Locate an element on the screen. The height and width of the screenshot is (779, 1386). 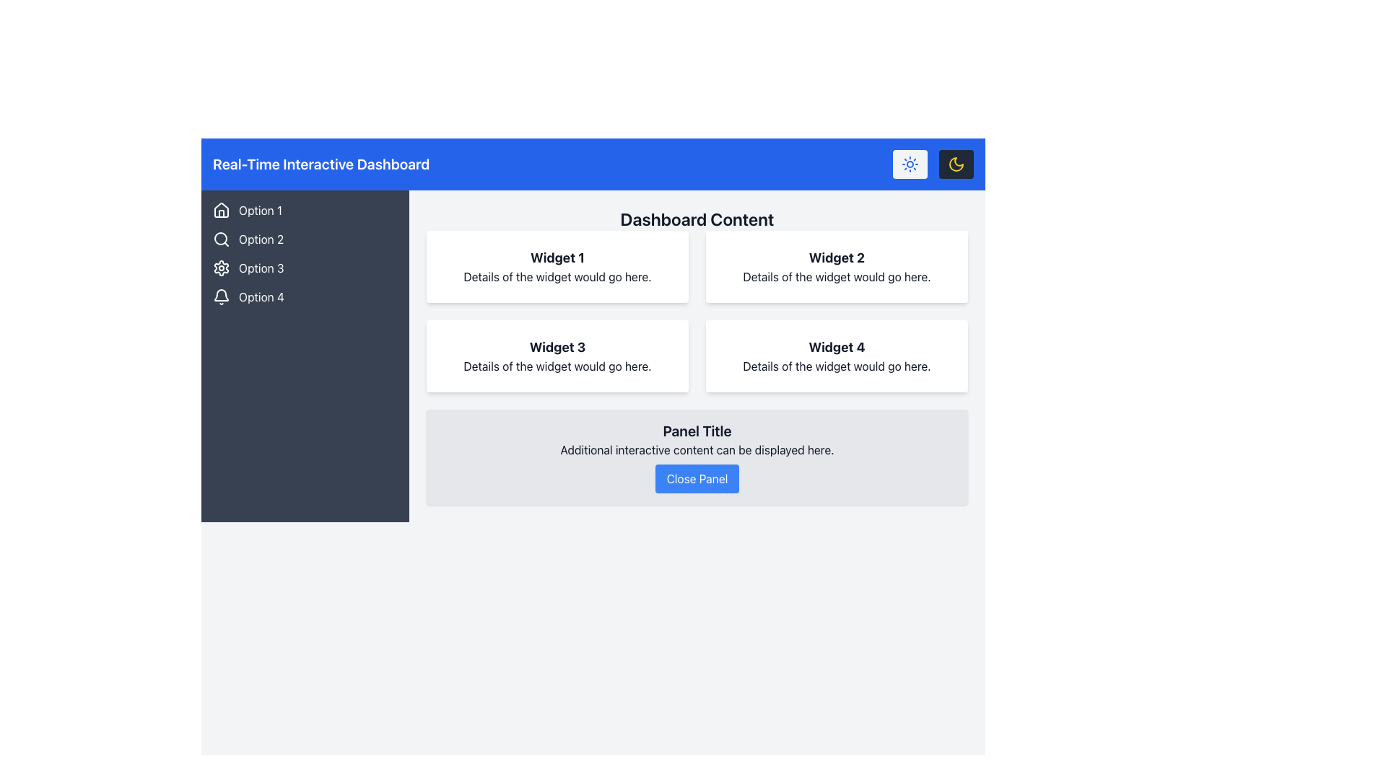
the text block displaying 'Details of the widget would go here' located below the 'Widget 1' text element in the Dashboard Content section is located at coordinates (557, 277).